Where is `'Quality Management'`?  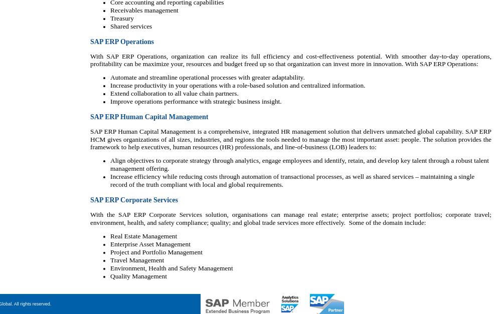
'Quality Management' is located at coordinates (137, 276).